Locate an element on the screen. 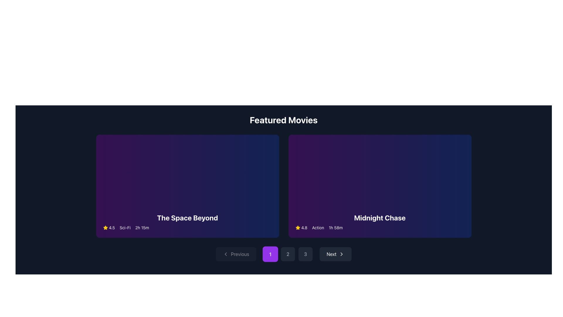 The image size is (563, 317). the first pagination button is located at coordinates (270, 254).